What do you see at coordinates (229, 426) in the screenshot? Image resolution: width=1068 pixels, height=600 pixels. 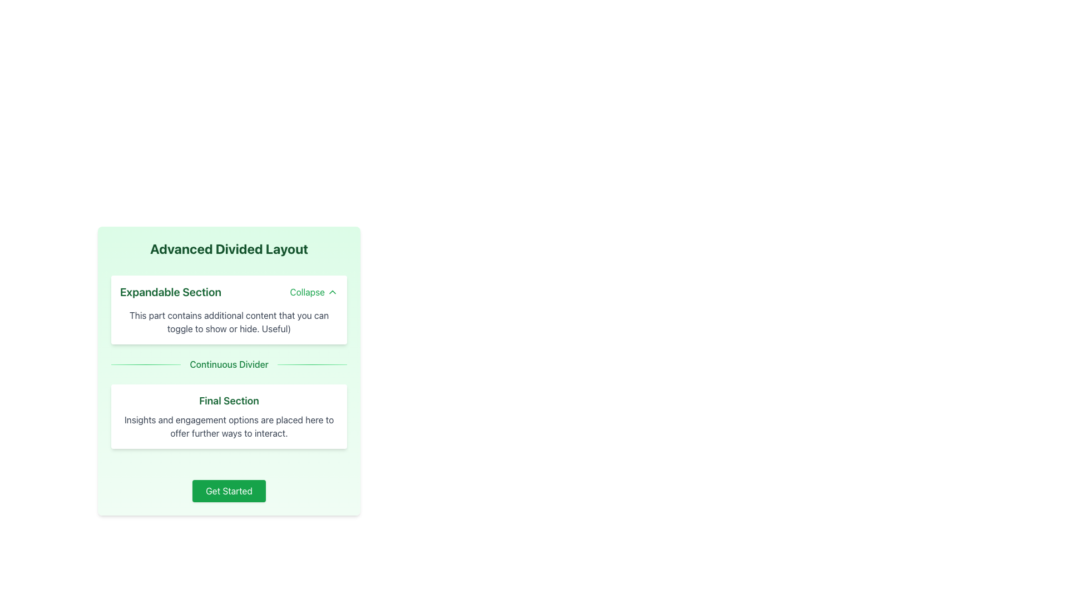 I see `the text label that reads 'Insights and engagement options are placed here to offer further ways to interact.', which is styled in light gray and located below the 'Final Section' label` at bounding box center [229, 426].